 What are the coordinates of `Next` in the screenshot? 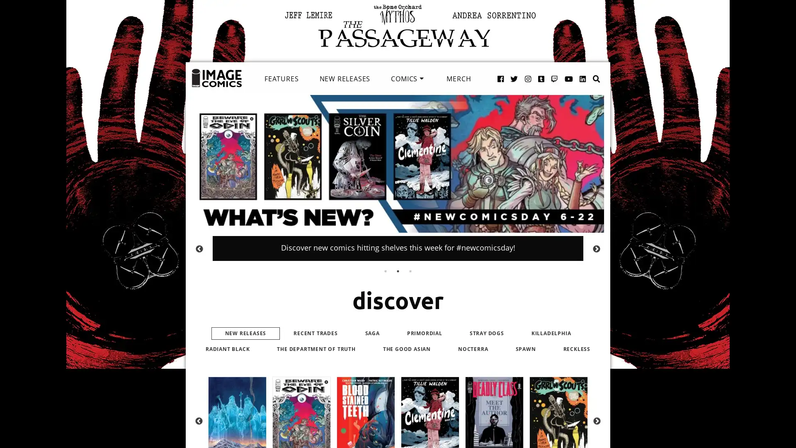 It's located at (597, 421).